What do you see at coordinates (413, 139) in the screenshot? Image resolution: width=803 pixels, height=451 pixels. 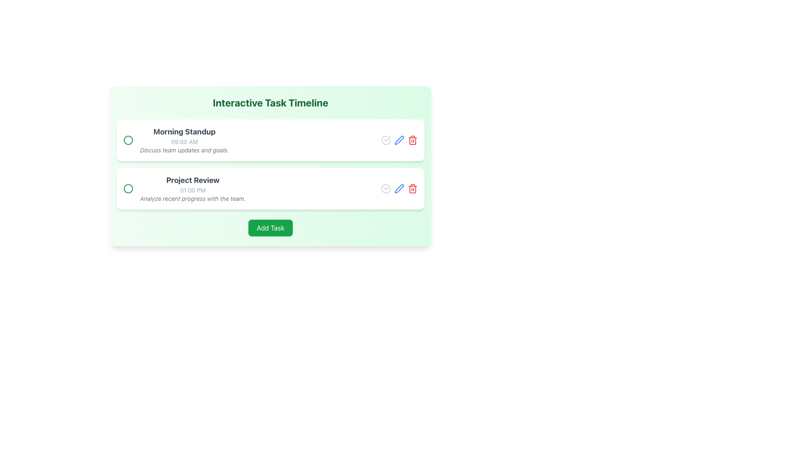 I see `the red trash can icon button that indicates a delete action, located at the far-right end of the control icons group in the 'Project Review' task row` at bounding box center [413, 139].